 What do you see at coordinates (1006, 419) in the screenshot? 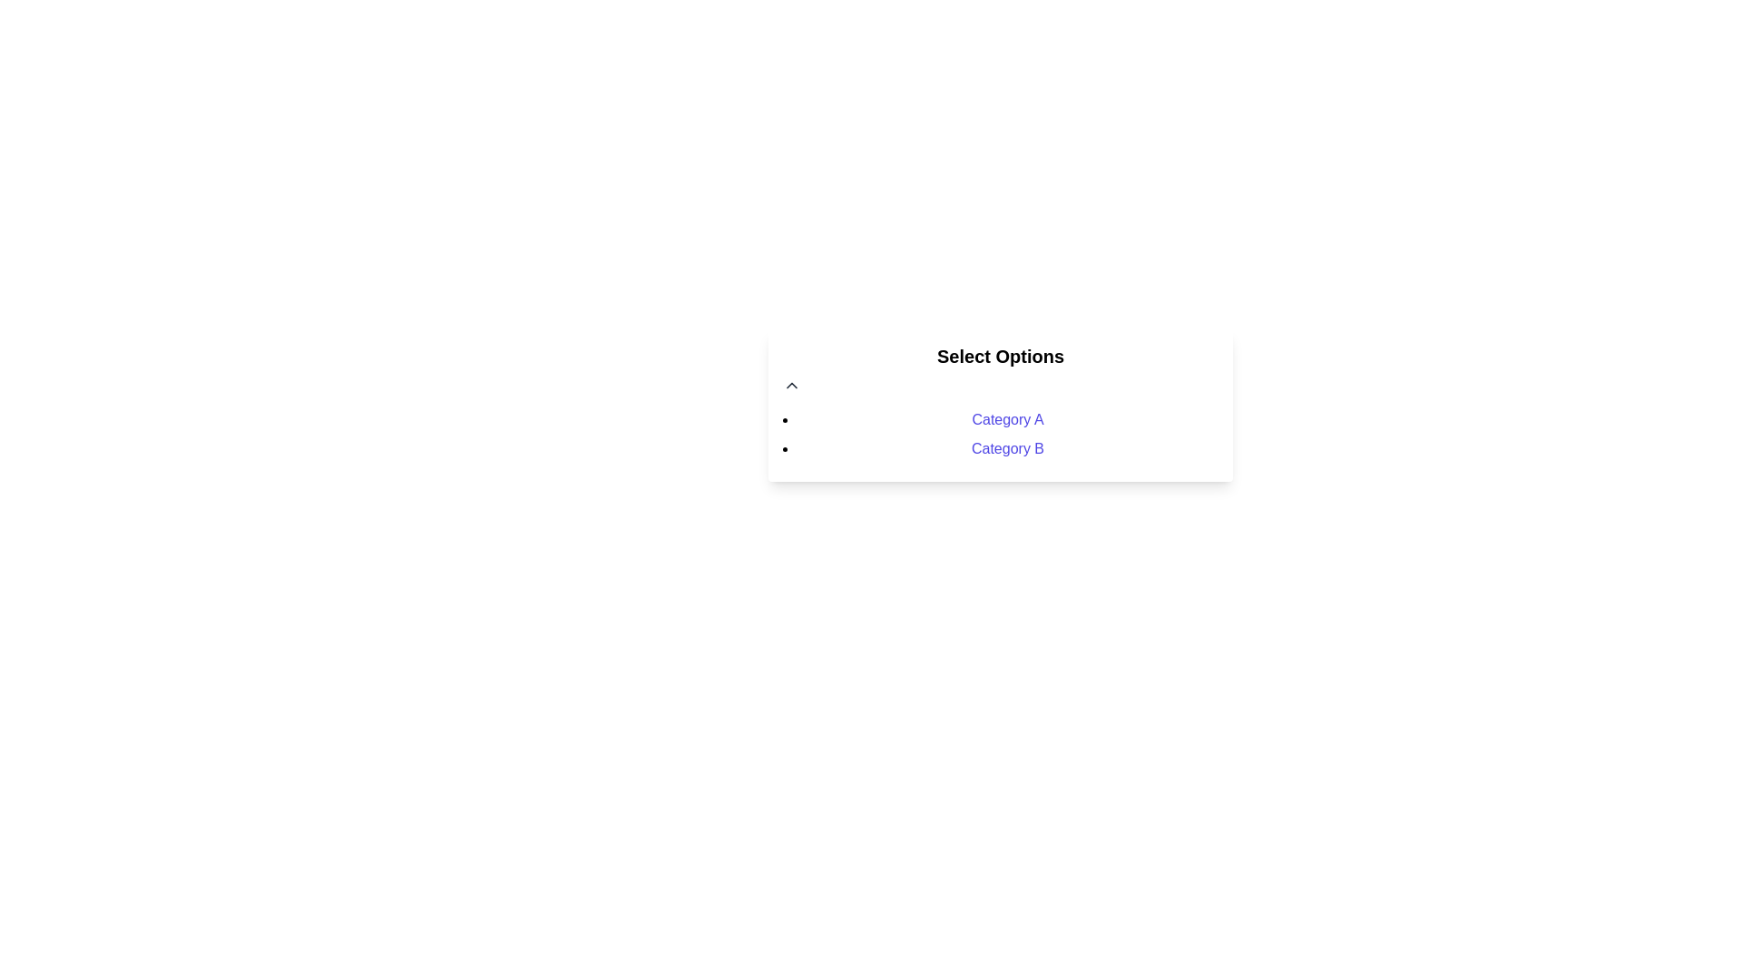
I see `the 'Category A' hyperlink in the menu list` at bounding box center [1006, 419].